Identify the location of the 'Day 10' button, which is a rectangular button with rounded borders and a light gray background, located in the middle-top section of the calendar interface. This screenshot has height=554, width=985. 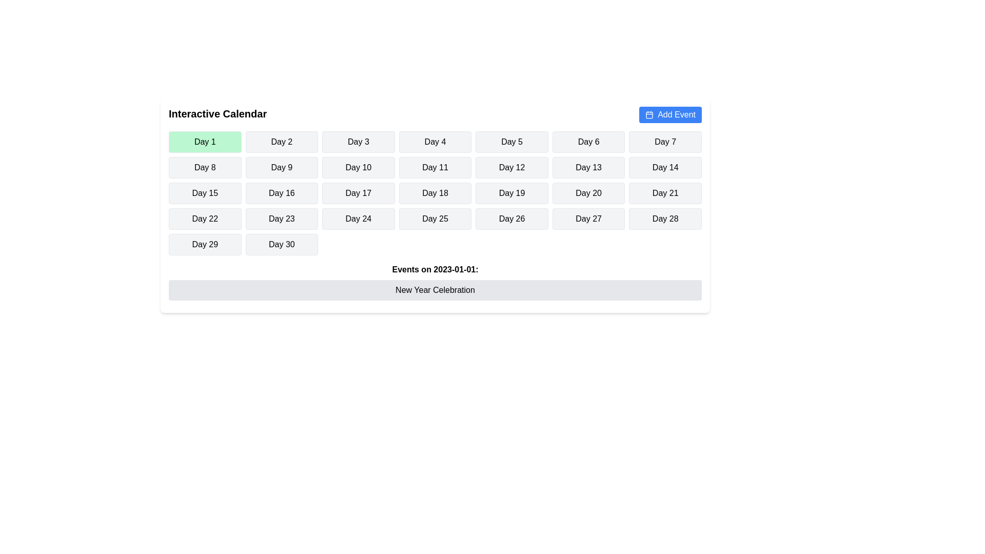
(358, 167).